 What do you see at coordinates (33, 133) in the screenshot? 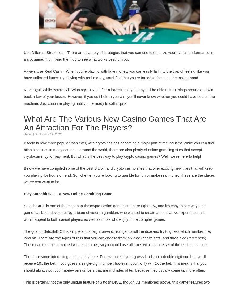
I see `'|'` at bounding box center [33, 133].